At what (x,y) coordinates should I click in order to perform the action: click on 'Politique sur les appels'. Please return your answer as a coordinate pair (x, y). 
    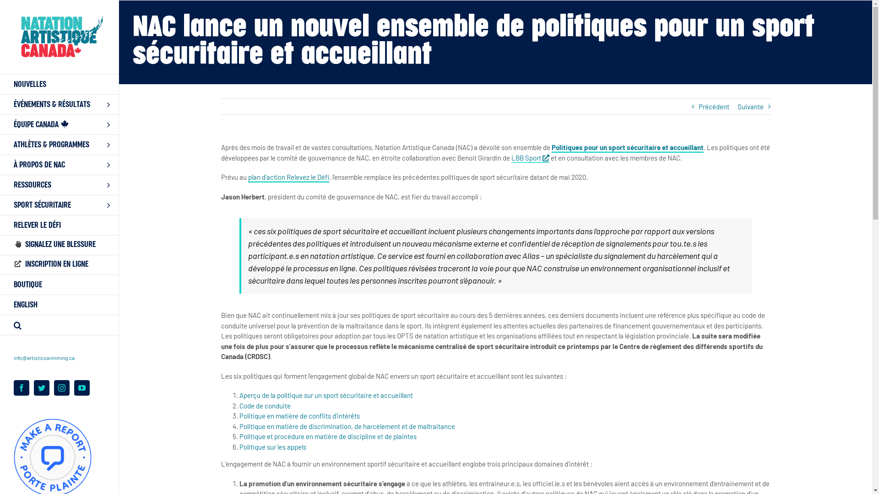
    Looking at the image, I should click on (272, 446).